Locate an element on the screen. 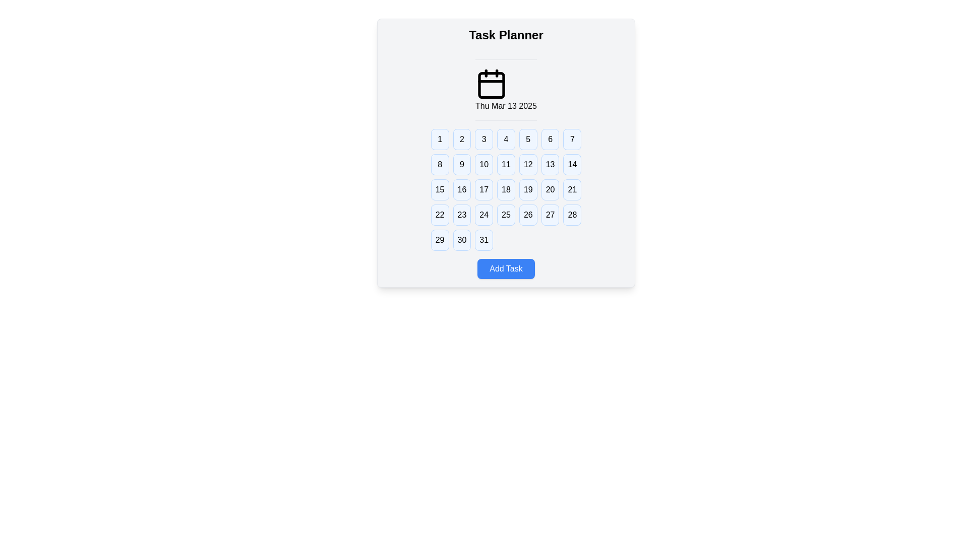 Image resolution: width=968 pixels, height=544 pixels. the static text displaying the currently selected date, located just below the calendar icon in the header of the calendar interface is located at coordinates (506, 106).